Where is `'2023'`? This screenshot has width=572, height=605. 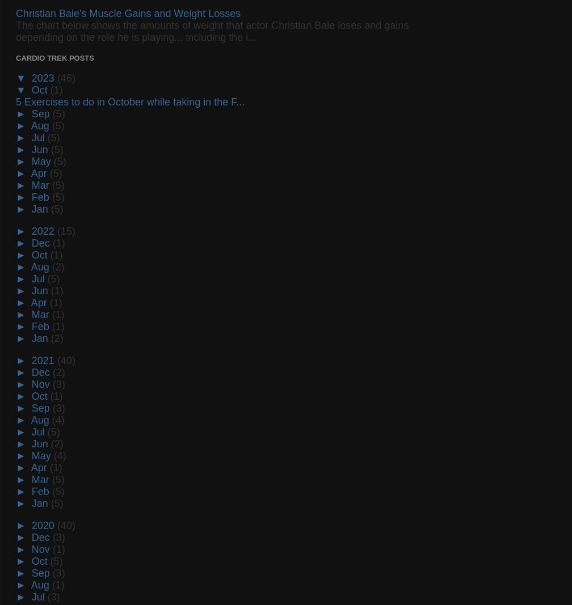
'2023' is located at coordinates (44, 77).